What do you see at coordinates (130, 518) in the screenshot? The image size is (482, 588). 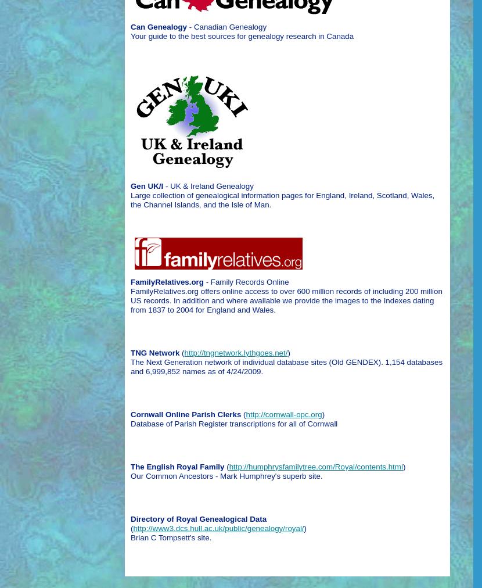 I see `'Directory of Royal Genealogical Data'` at bounding box center [130, 518].